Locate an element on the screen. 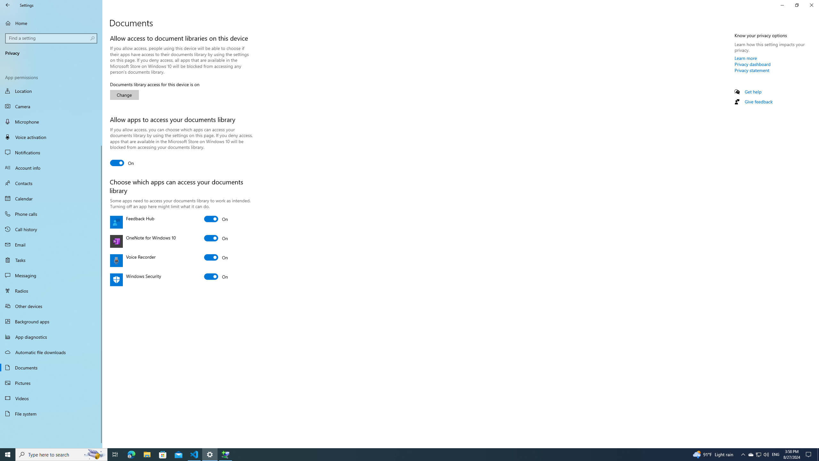 This screenshot has height=461, width=819. 'Learn more' is located at coordinates (746, 58).